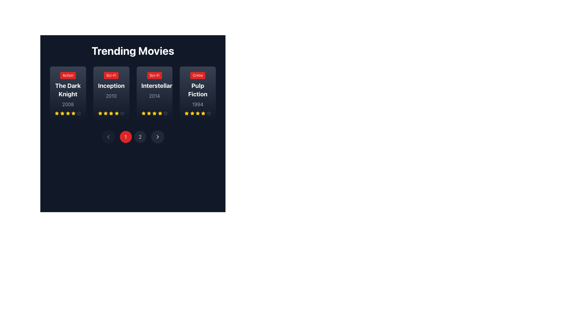 Image resolution: width=578 pixels, height=325 pixels. What do you see at coordinates (79, 113) in the screenshot?
I see `the rating indication by interacting with the last star icon in the rating stars of 'The Dark Knight' movie card` at bounding box center [79, 113].